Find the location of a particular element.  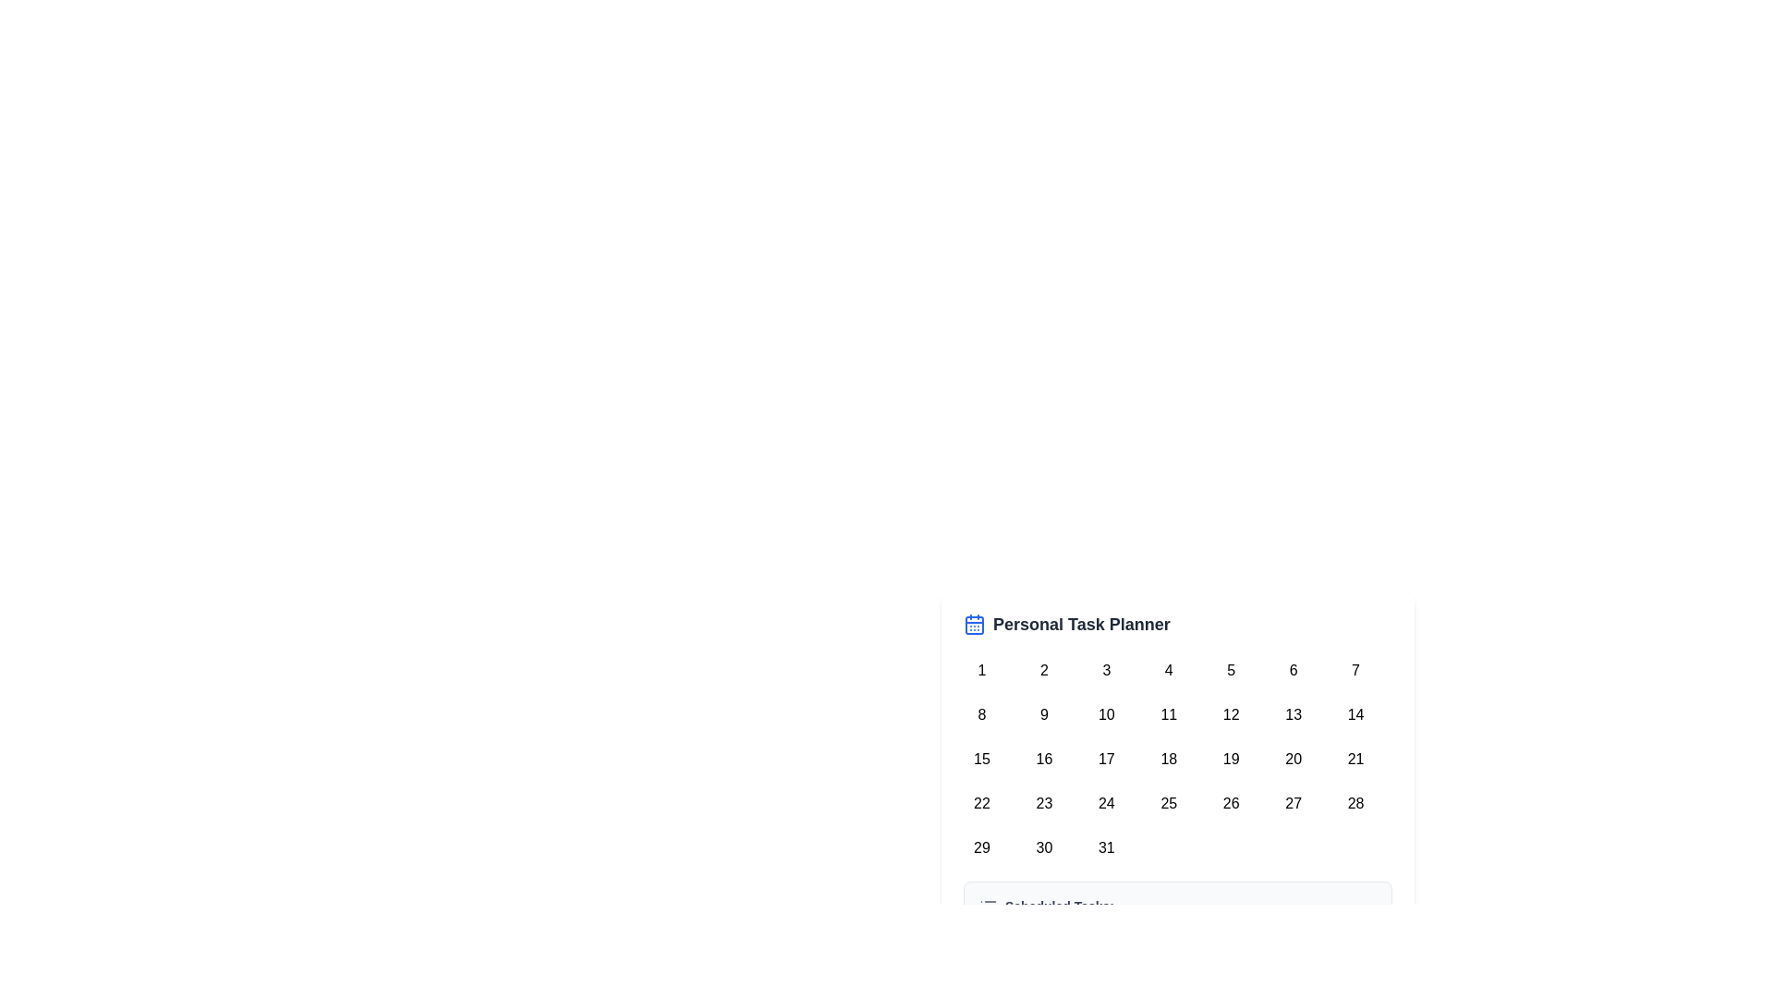

the selectable date button '23' in the calendar of the 'Personal Task Planner' interface located in the fifth row and second column of the grid layout is located at coordinates (1044, 803).